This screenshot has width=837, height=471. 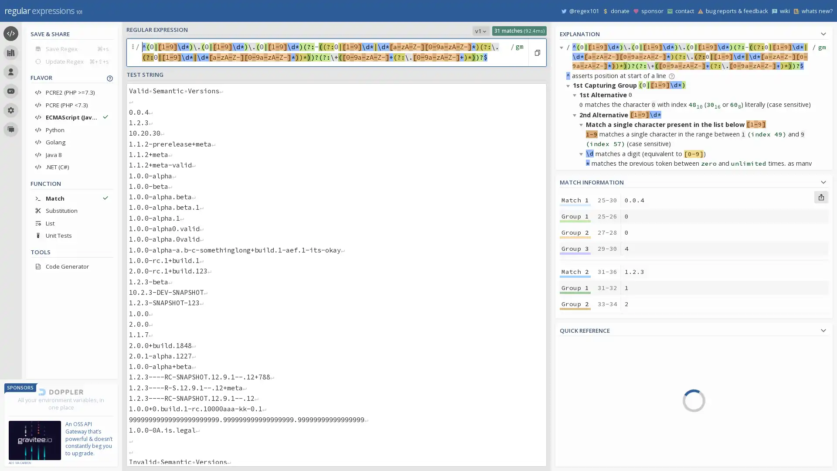 I want to click on Save Regex +s, so click(x=71, y=48).